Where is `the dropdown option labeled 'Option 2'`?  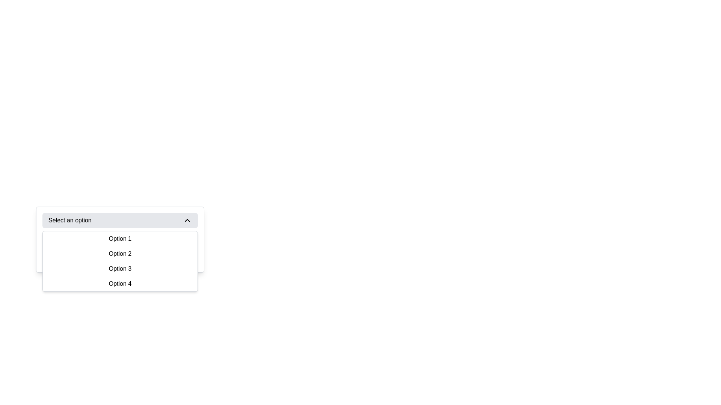 the dropdown option labeled 'Option 2' is located at coordinates (120, 253).